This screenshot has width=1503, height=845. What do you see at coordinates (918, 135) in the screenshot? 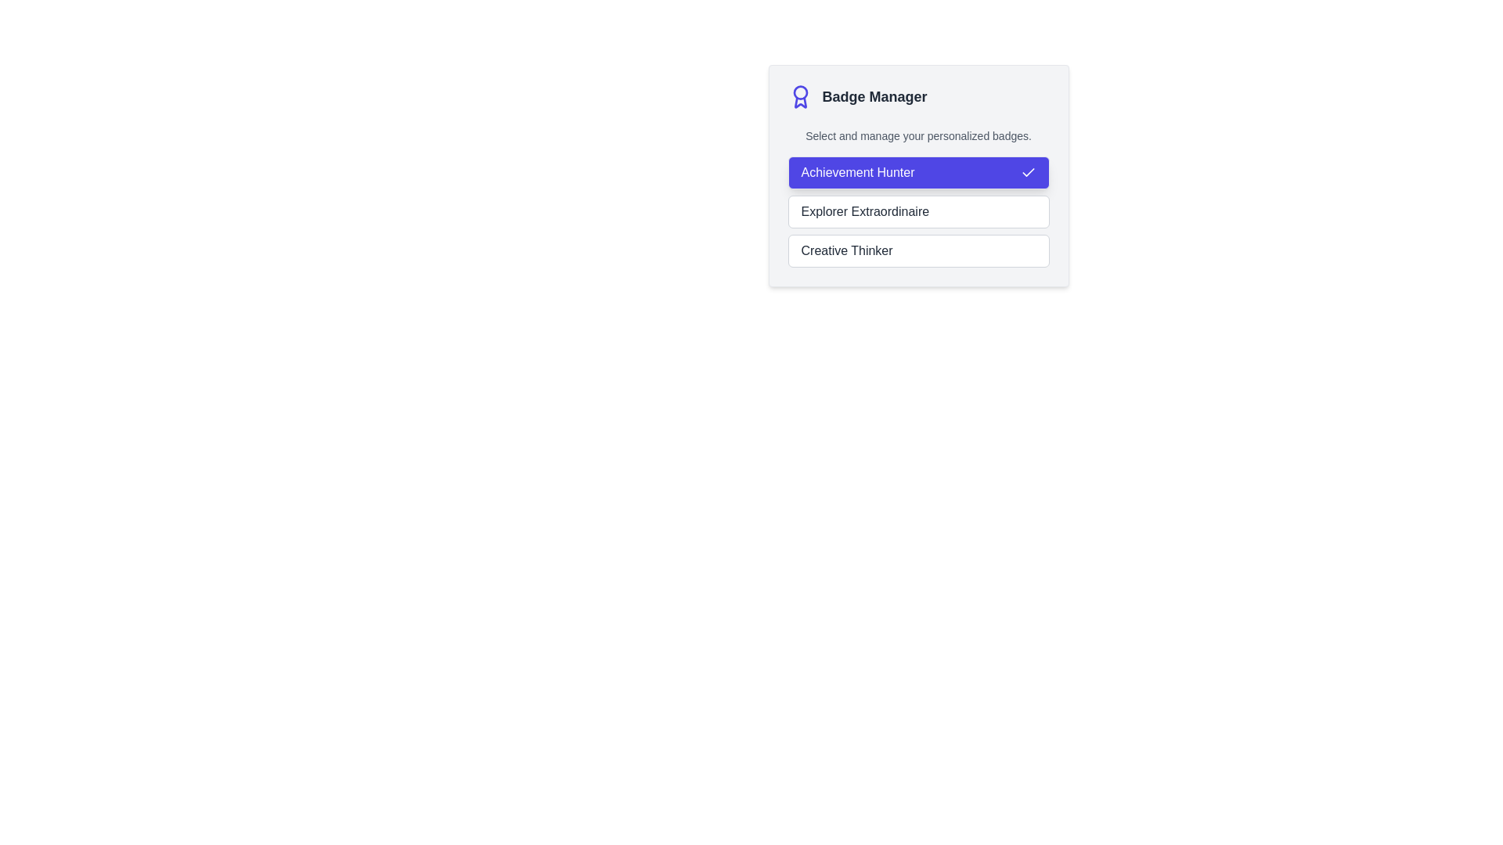
I see `the text label displaying 'Select and manage your personalized badges.' which is positioned below the 'Badge Manager' heading` at bounding box center [918, 135].